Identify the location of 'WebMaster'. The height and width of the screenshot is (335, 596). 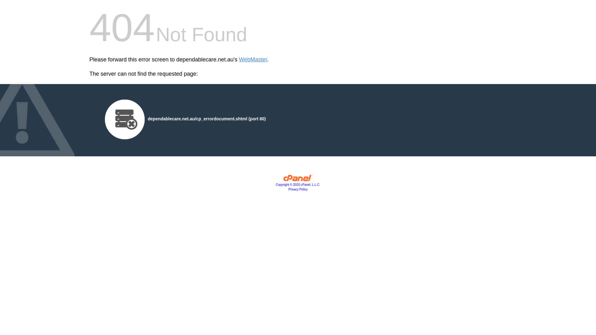
(238, 60).